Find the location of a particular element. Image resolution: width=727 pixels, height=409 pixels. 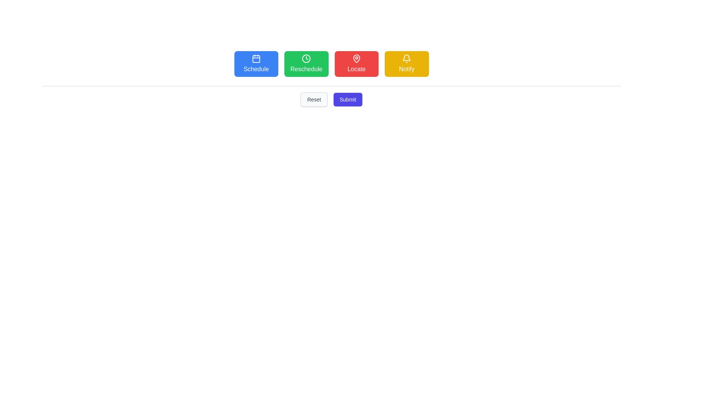

the text label that indicates the function of rescheduling tasks, located in the green button in the second position from the left in the top row of buttons is located at coordinates (306, 69).